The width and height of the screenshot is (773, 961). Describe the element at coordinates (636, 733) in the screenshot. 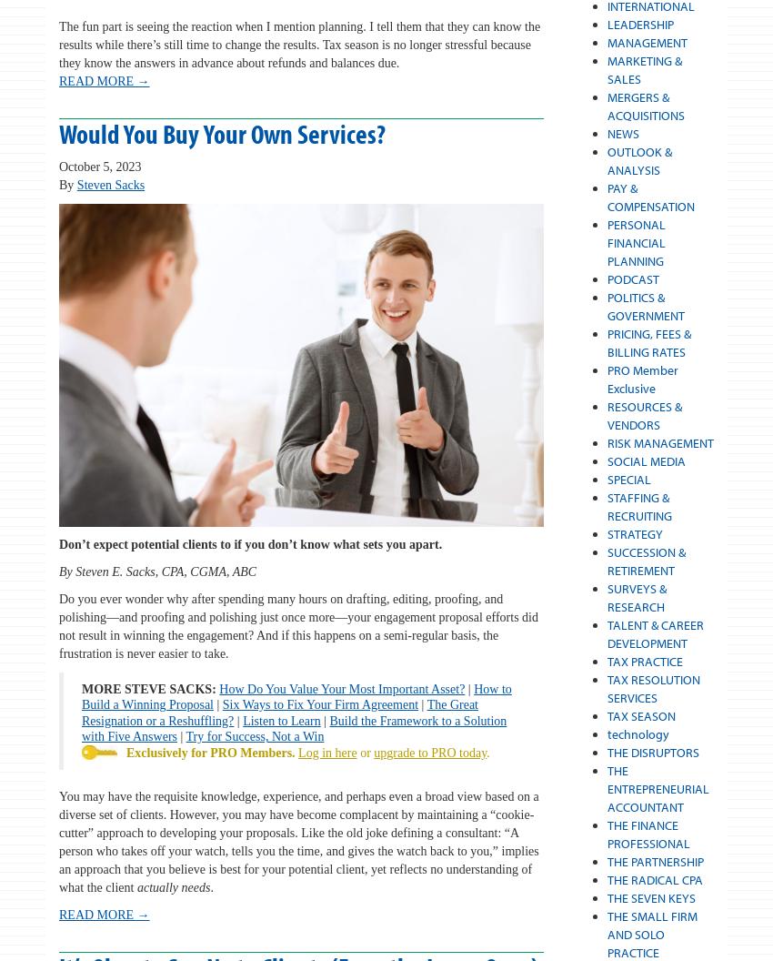

I see `'technology'` at that location.